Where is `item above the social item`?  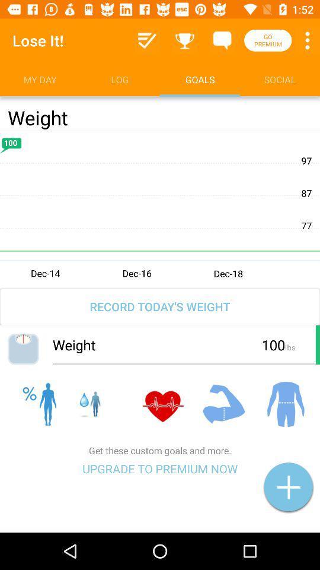
item above the social item is located at coordinates (307, 40).